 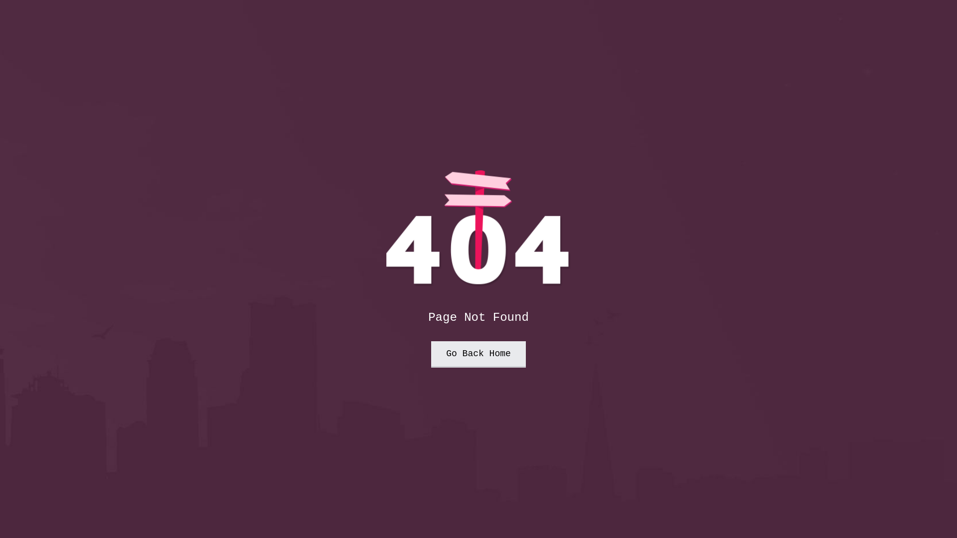 What do you see at coordinates (431, 354) in the screenshot?
I see `'Go Back Home'` at bounding box center [431, 354].